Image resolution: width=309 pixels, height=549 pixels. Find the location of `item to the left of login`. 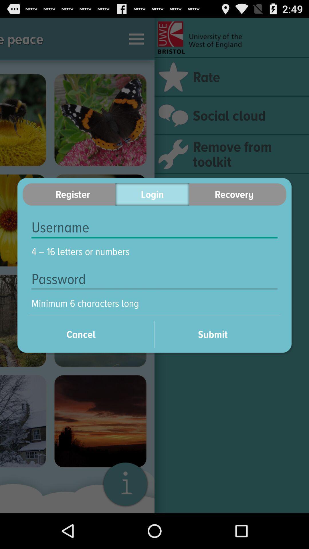

item to the left of login is located at coordinates (69, 194).